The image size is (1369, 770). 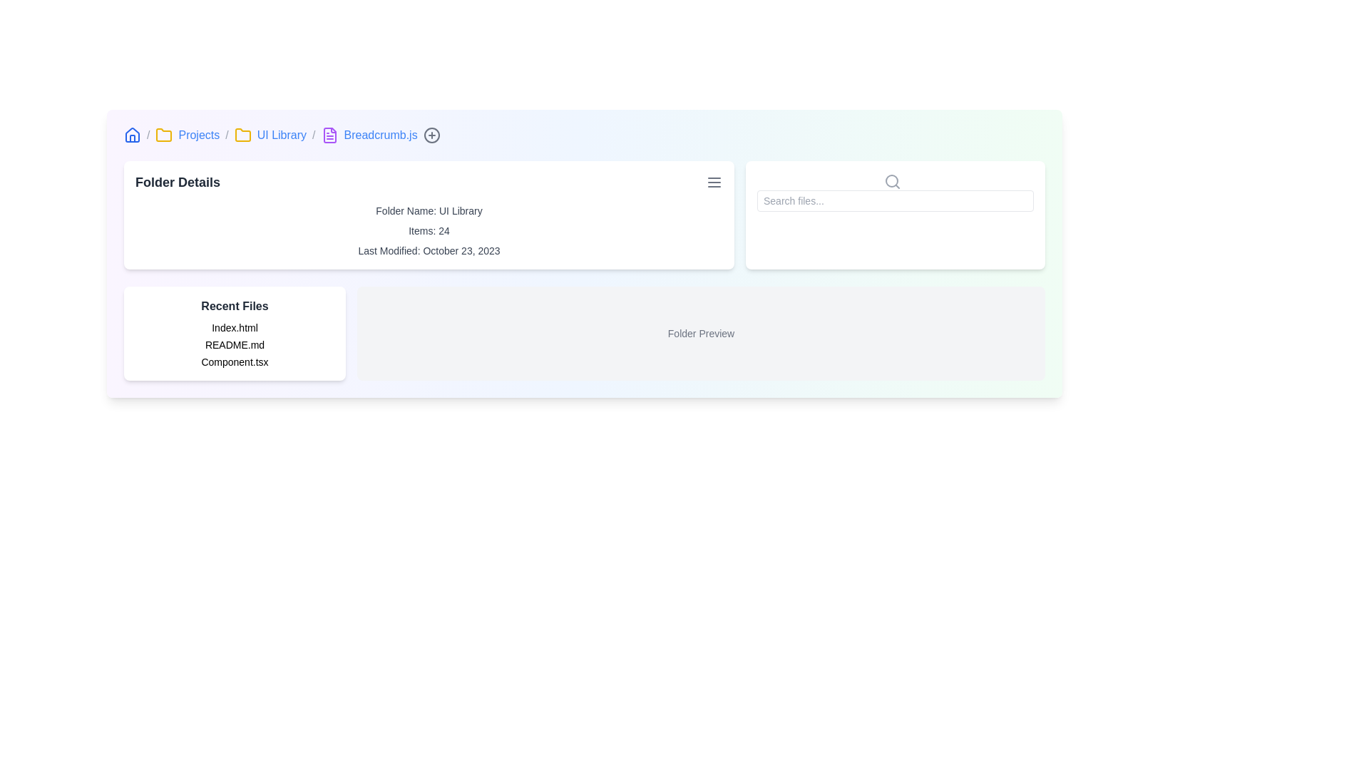 What do you see at coordinates (235, 361) in the screenshot?
I see `the text label representing the file name 'Component.tsx' in the recent files section` at bounding box center [235, 361].